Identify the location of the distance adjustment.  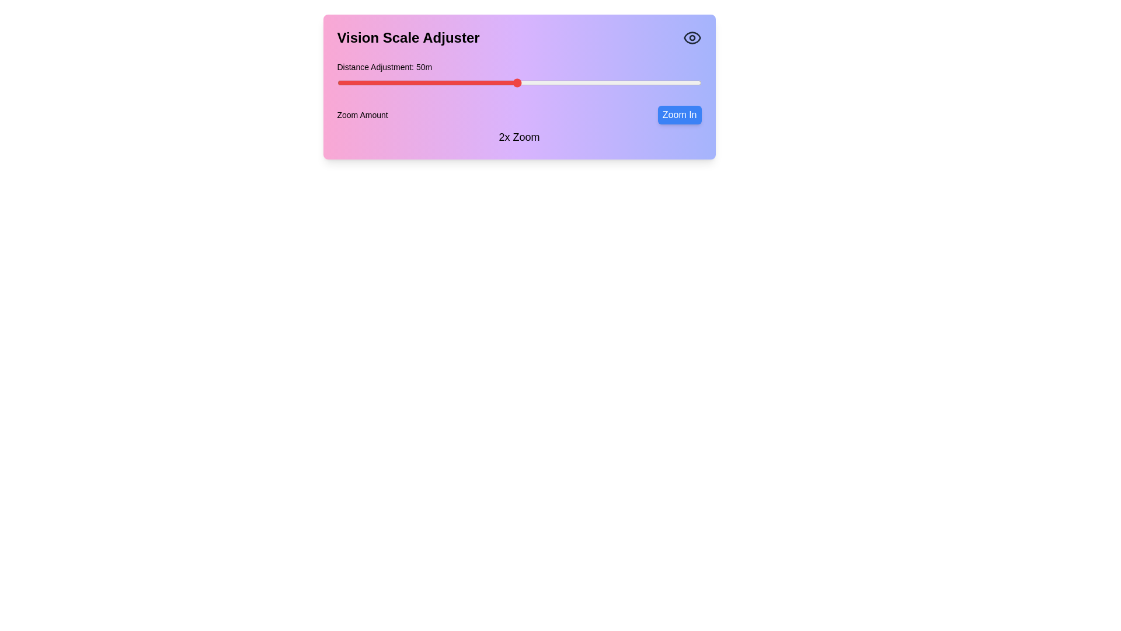
(503, 82).